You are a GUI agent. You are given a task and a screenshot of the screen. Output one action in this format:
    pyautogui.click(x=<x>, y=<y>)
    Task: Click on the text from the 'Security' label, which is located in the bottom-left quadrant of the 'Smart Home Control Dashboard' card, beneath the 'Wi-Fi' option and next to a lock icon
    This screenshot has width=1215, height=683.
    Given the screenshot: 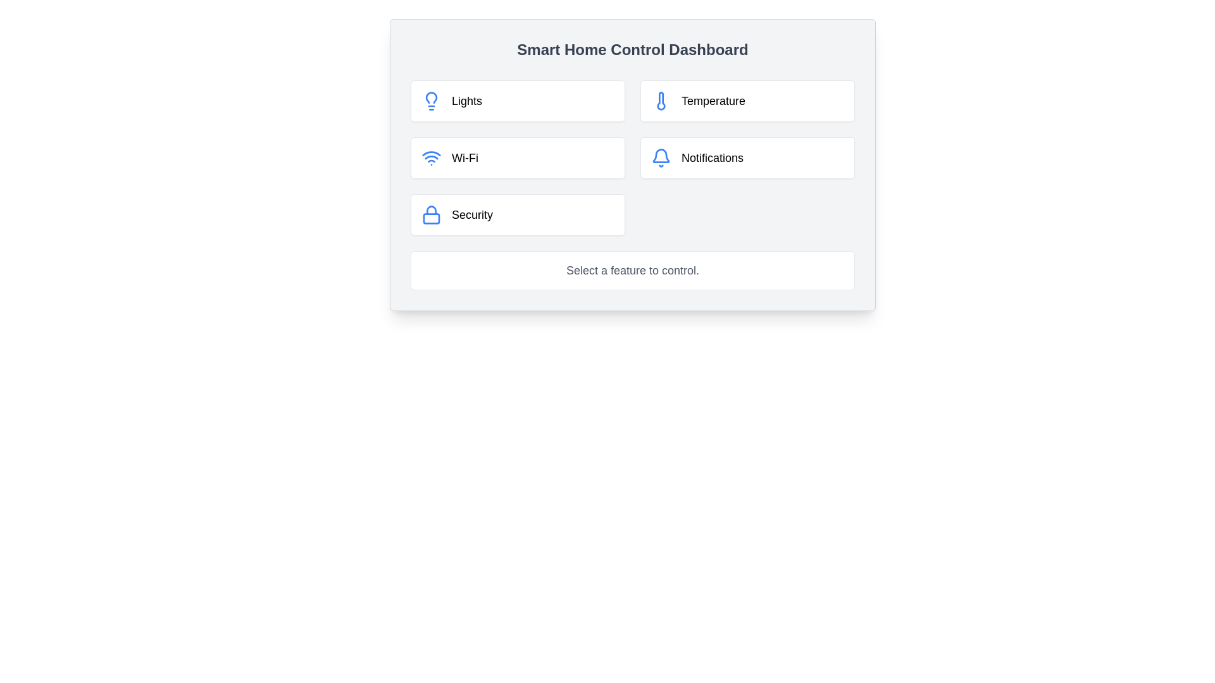 What is the action you would take?
    pyautogui.click(x=471, y=214)
    